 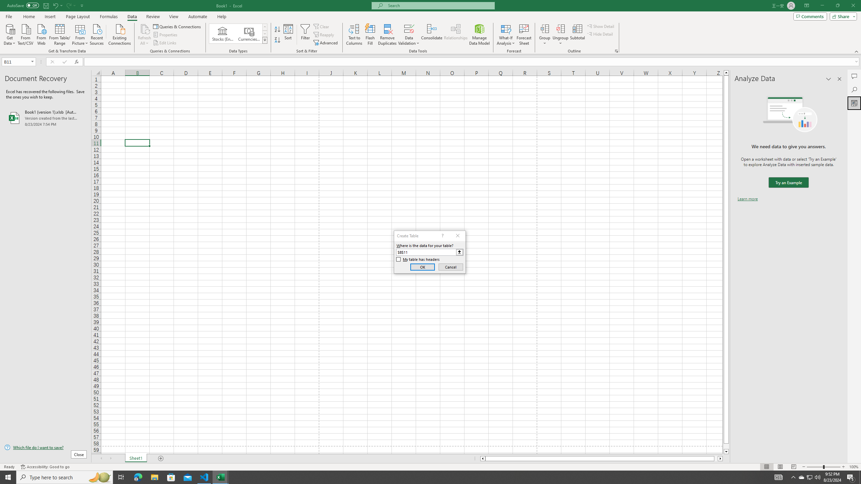 What do you see at coordinates (288, 35) in the screenshot?
I see `'Sort...'` at bounding box center [288, 35].